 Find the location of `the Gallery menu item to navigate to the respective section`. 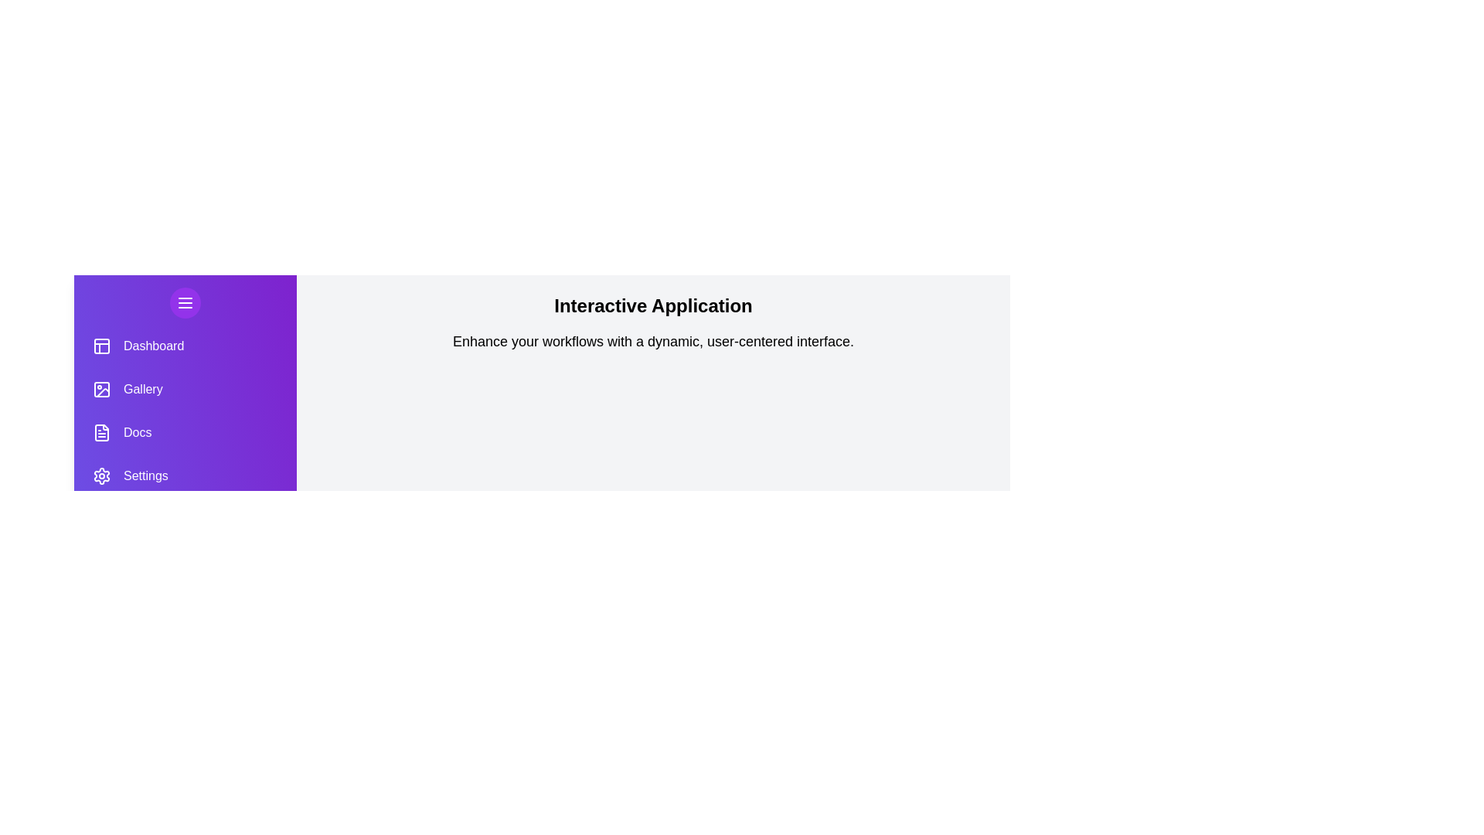

the Gallery menu item to navigate to the respective section is located at coordinates (185, 389).